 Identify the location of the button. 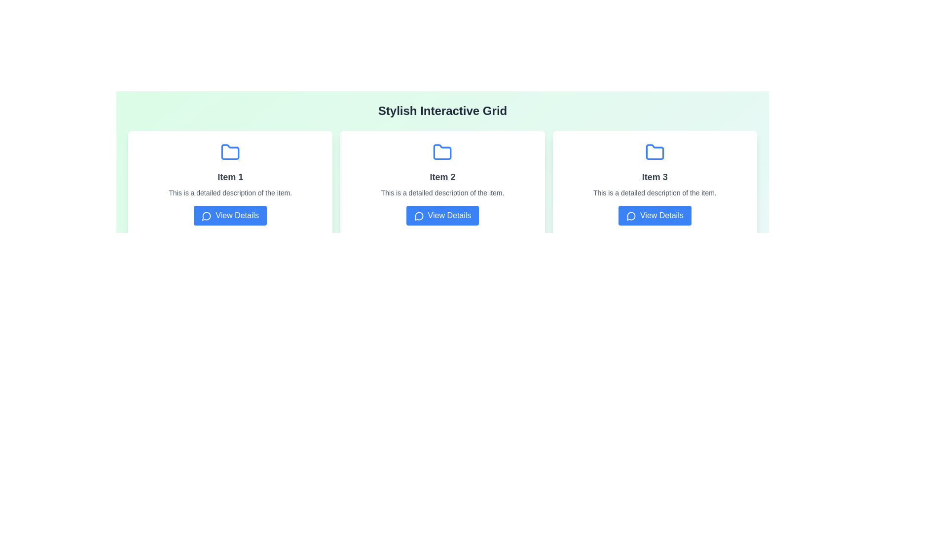
(655, 215).